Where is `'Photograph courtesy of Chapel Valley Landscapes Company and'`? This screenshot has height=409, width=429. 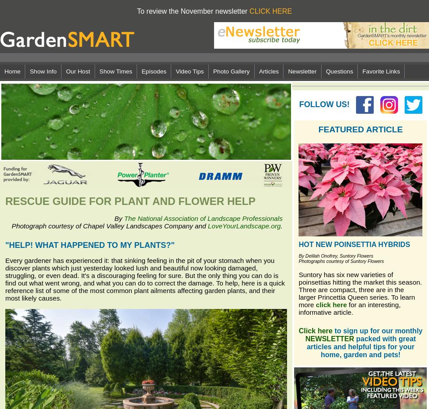 'Photograph courtesy of Chapel Valley Landscapes Company and' is located at coordinates (109, 226).